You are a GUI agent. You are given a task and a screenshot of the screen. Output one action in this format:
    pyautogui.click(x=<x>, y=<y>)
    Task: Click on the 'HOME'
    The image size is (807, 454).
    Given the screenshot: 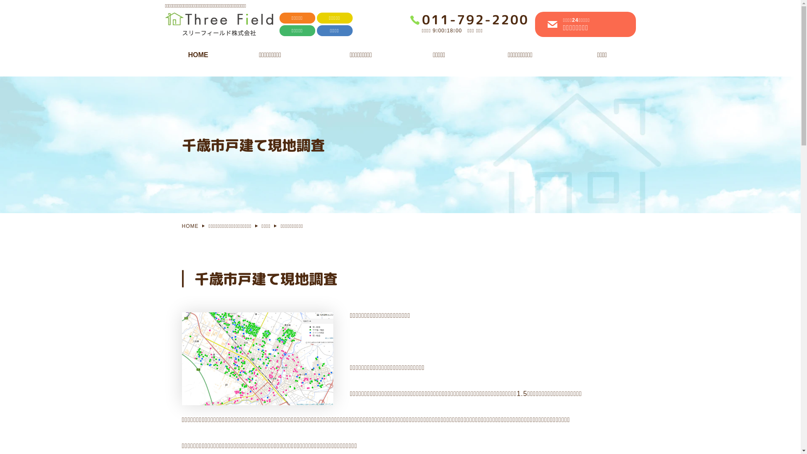 What is the action you would take?
    pyautogui.click(x=181, y=225)
    